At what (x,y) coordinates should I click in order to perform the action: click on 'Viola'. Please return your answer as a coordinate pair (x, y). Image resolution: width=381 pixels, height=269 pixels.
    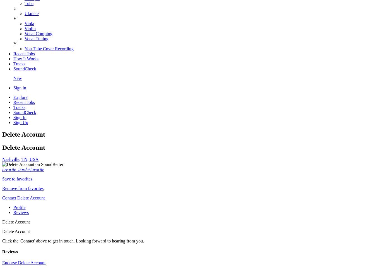
    Looking at the image, I should click on (29, 23).